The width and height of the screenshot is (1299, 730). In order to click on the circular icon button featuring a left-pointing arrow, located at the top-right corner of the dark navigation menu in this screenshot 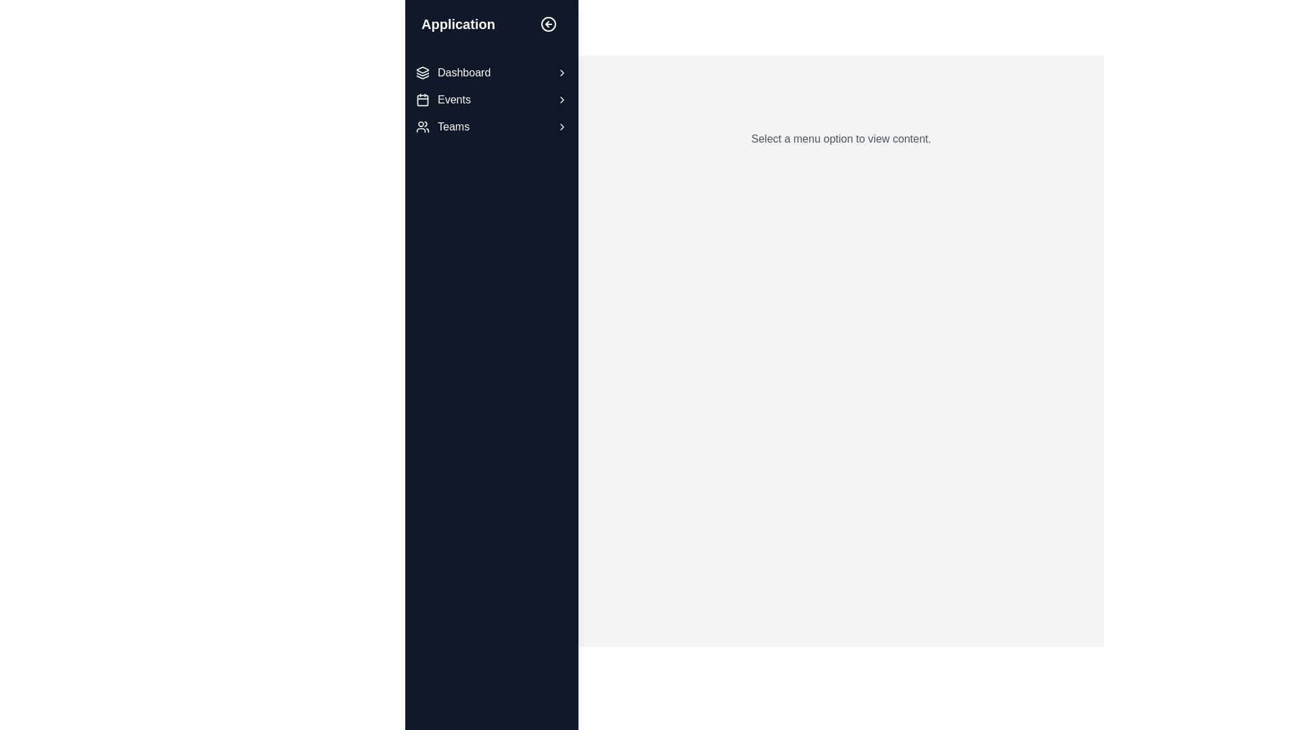, I will do `click(549, 24)`.